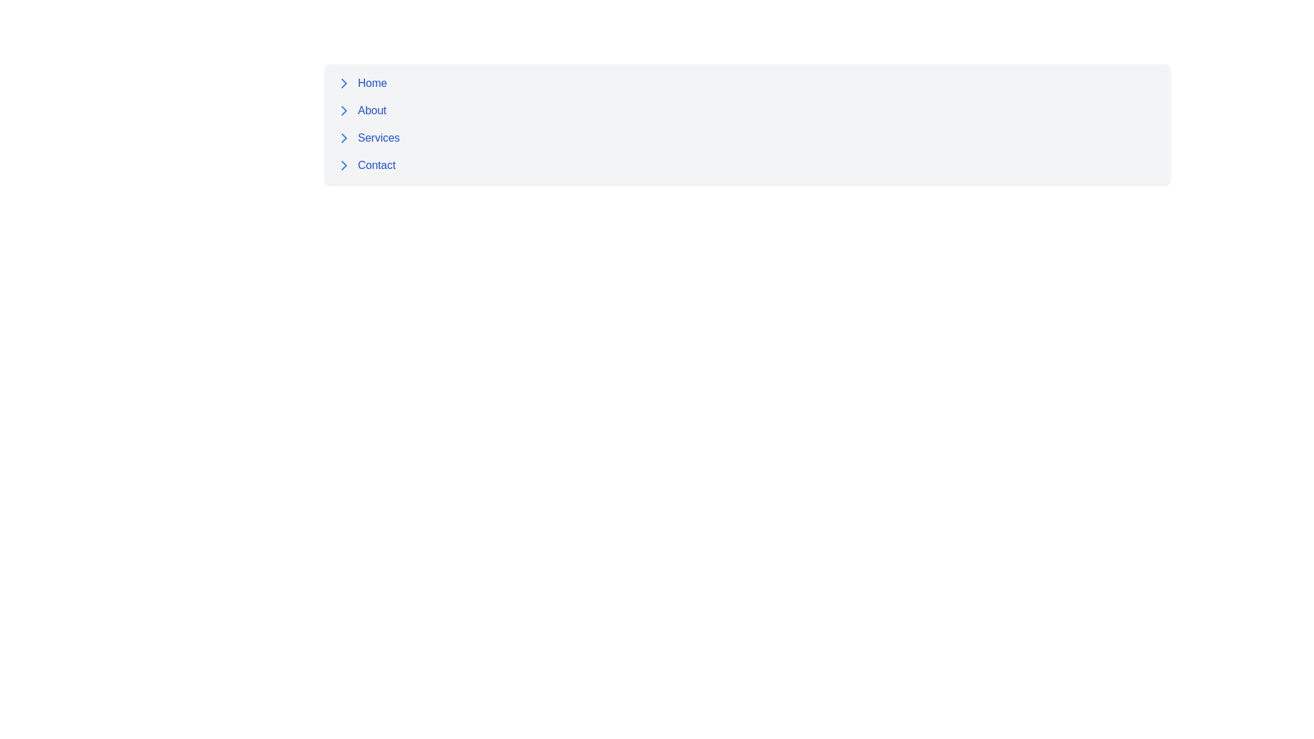  What do you see at coordinates (378, 138) in the screenshot?
I see `the 'Services' text label in the navigation menu to trigger the underline appearance` at bounding box center [378, 138].